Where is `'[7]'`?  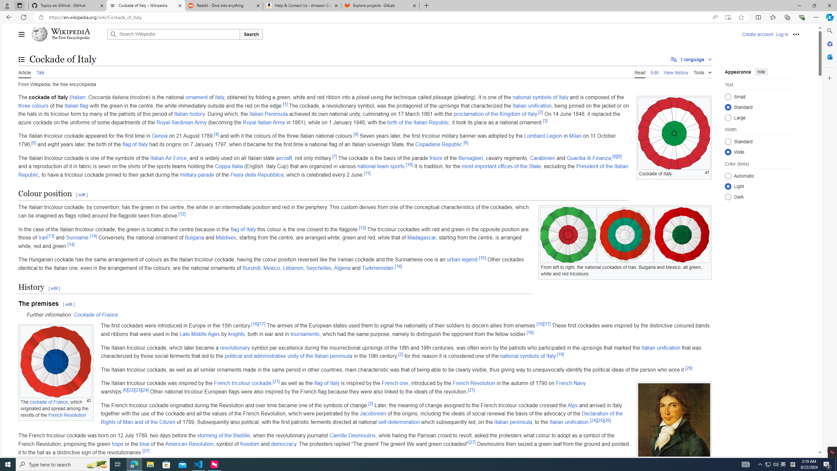 '[7]' is located at coordinates (334, 156).